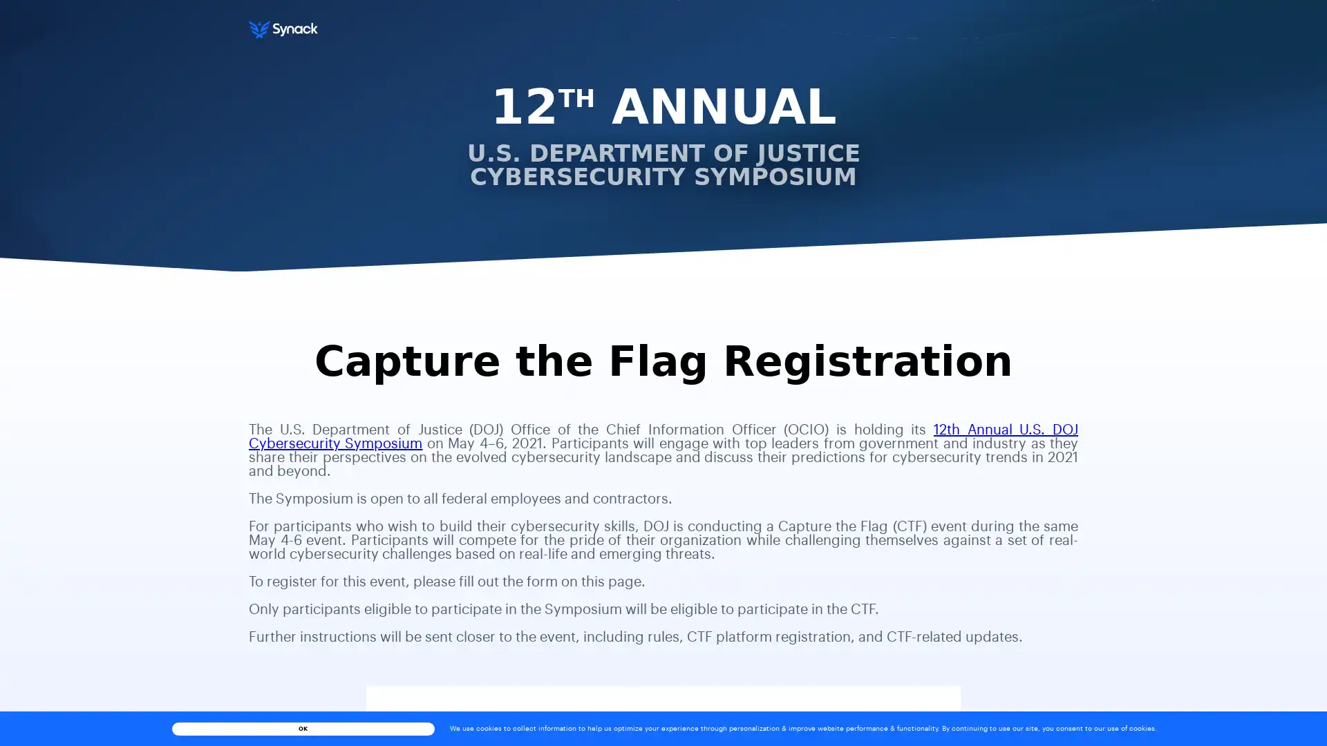 The height and width of the screenshot is (746, 1327). Describe the element at coordinates (301, 727) in the screenshot. I see `OK` at that location.